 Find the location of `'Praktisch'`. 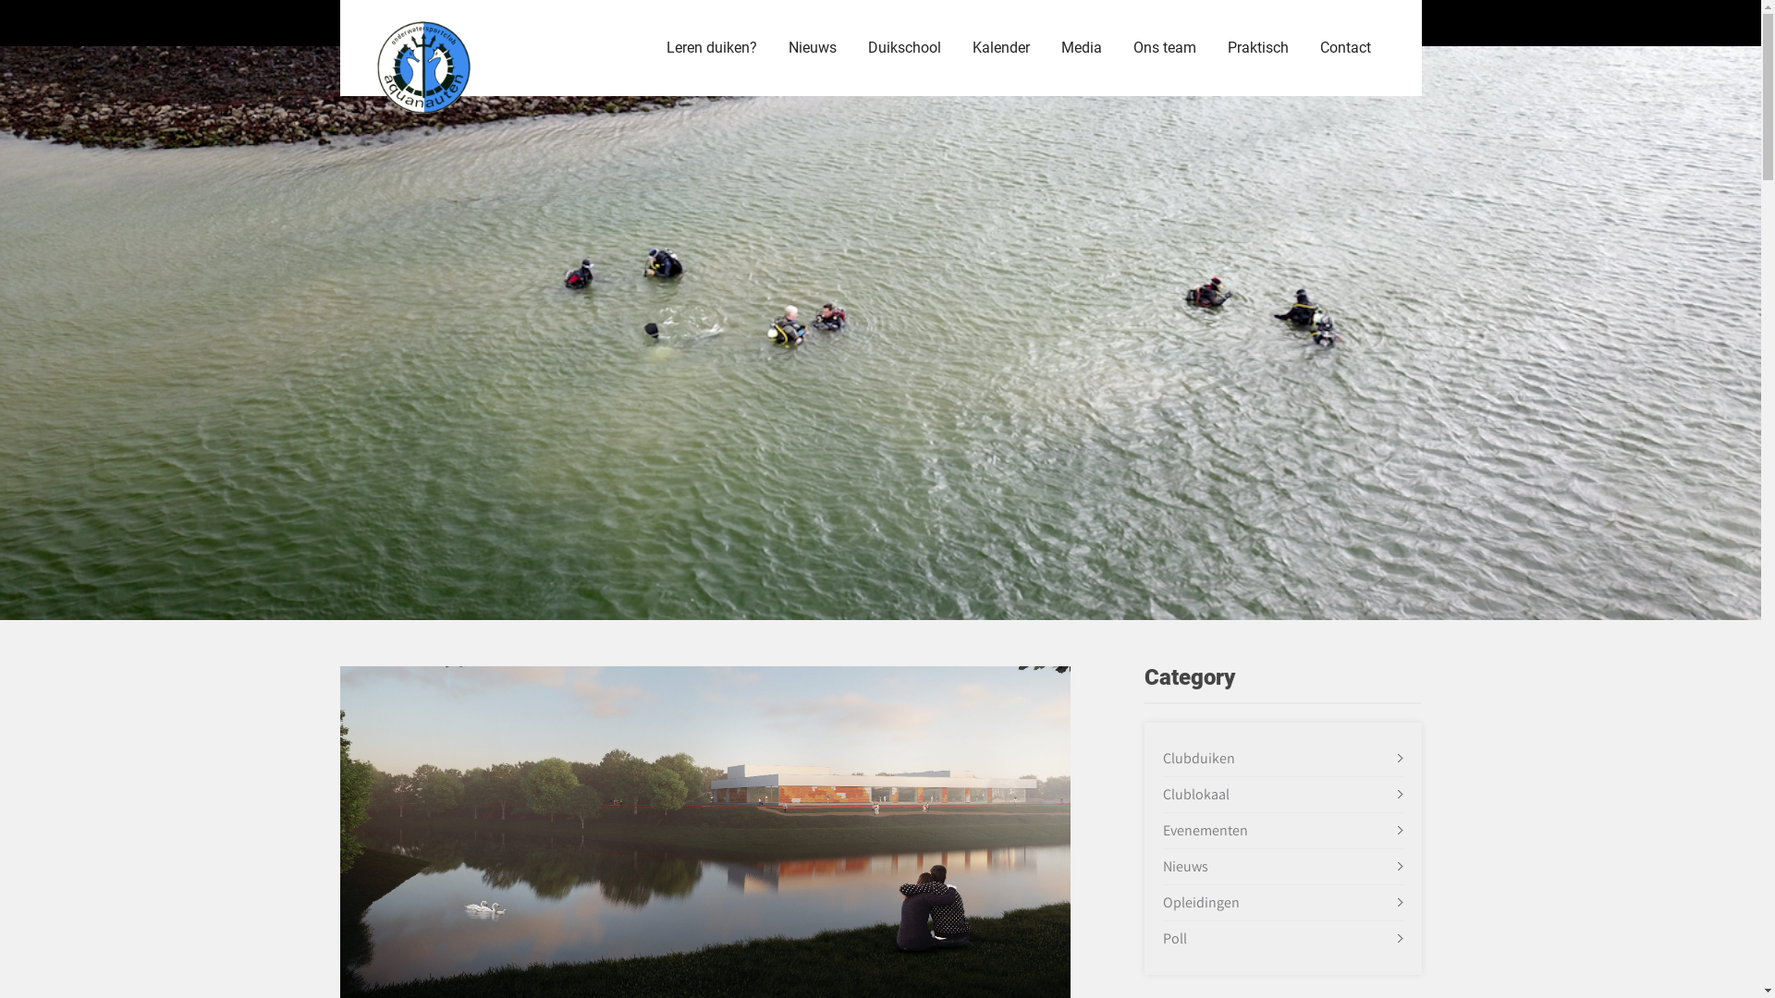

'Praktisch' is located at coordinates (1256, 46).